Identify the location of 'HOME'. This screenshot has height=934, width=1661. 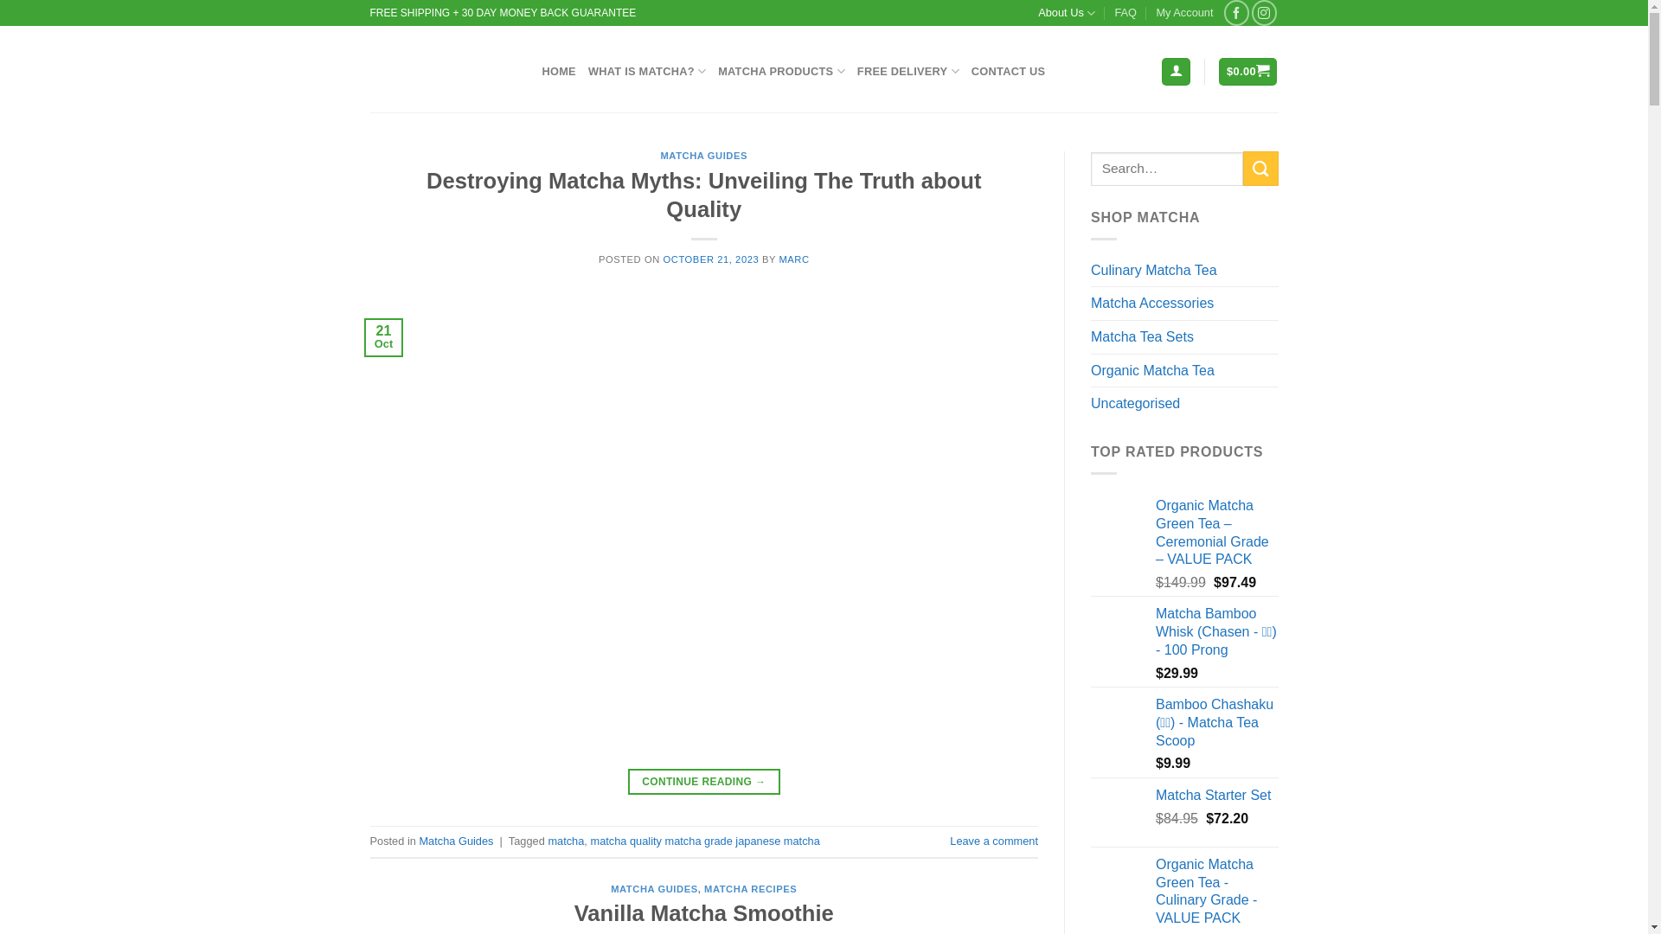
(558, 71).